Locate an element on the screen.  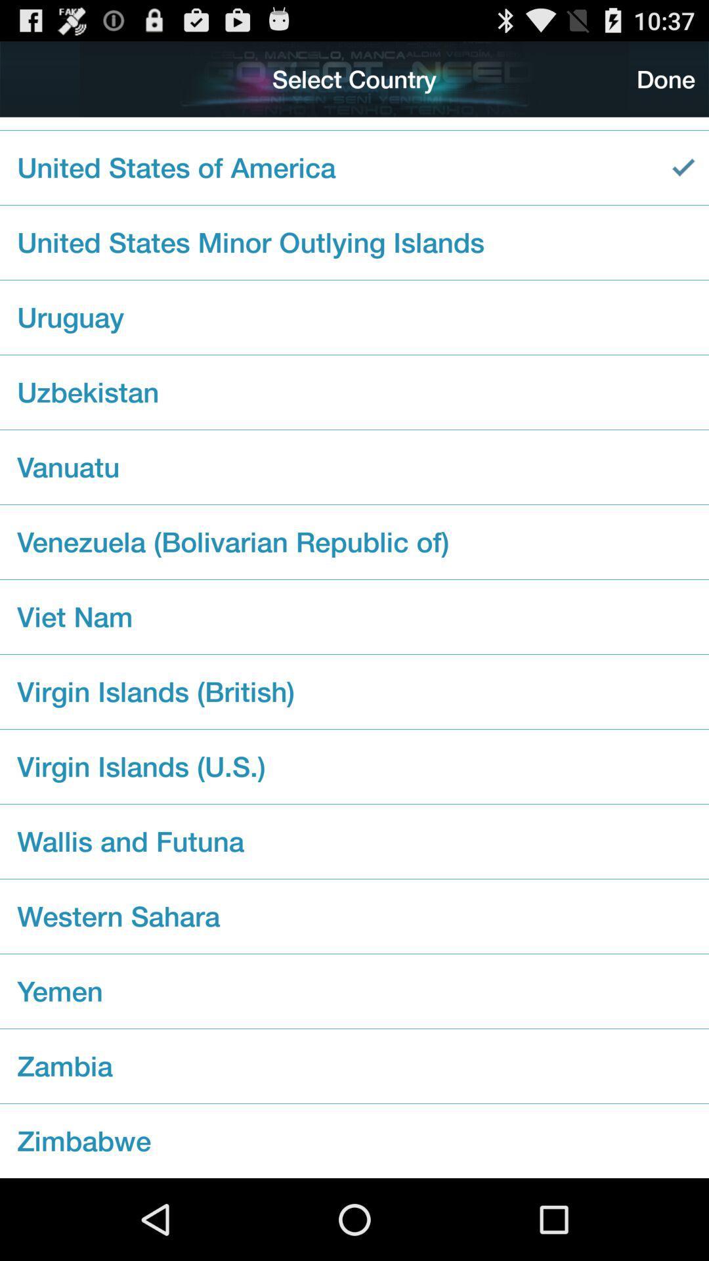
zambia item is located at coordinates (354, 1066).